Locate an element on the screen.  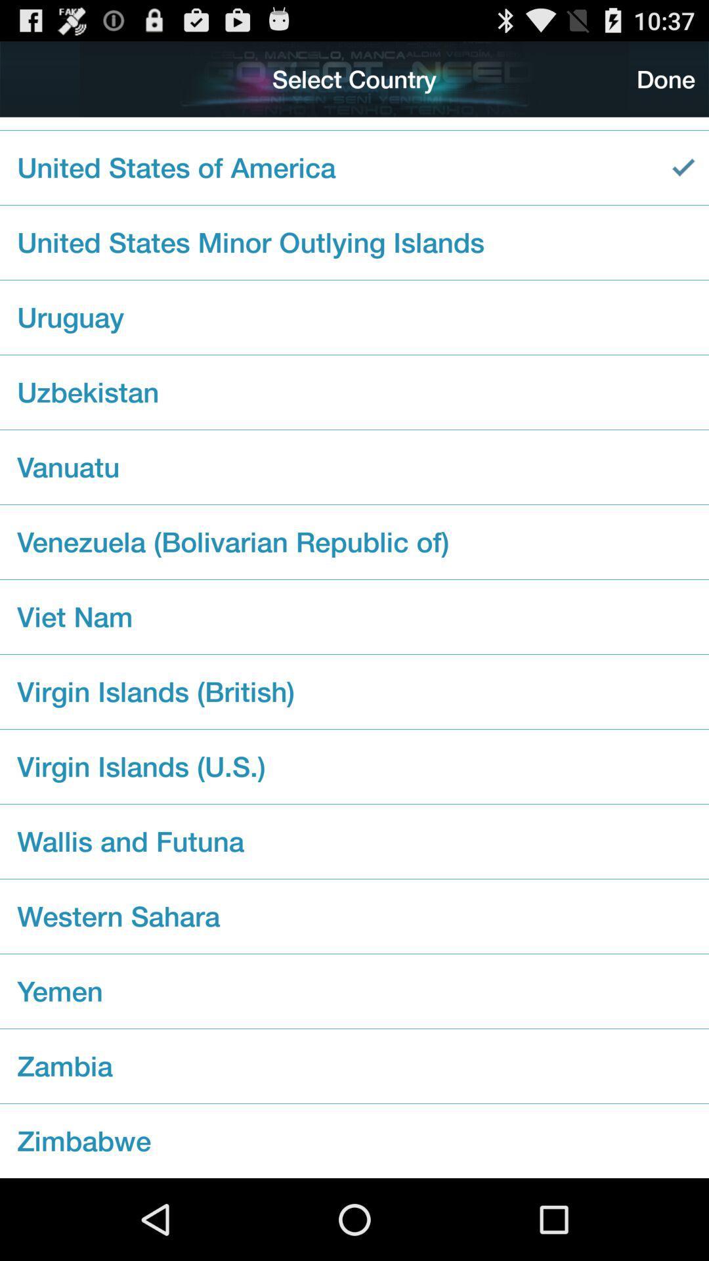
zambia item is located at coordinates (354, 1066).